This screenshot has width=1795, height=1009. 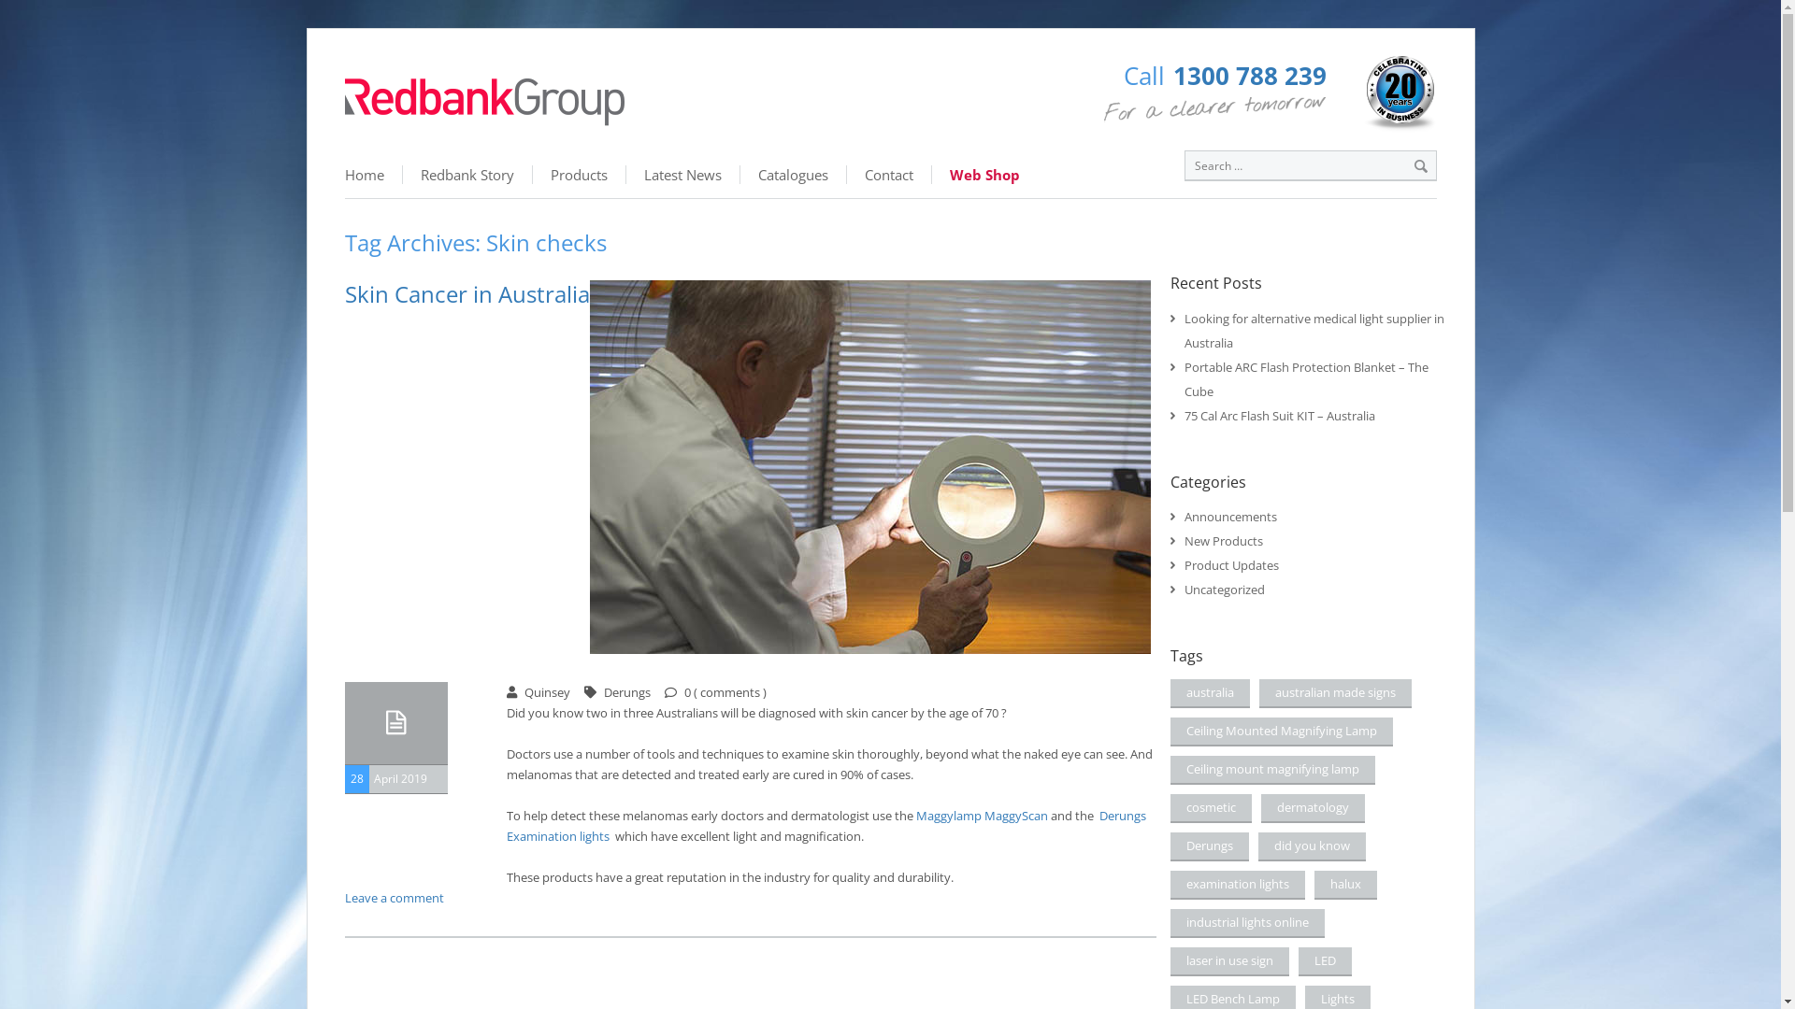 I want to click on 'Latest News', so click(x=682, y=174).